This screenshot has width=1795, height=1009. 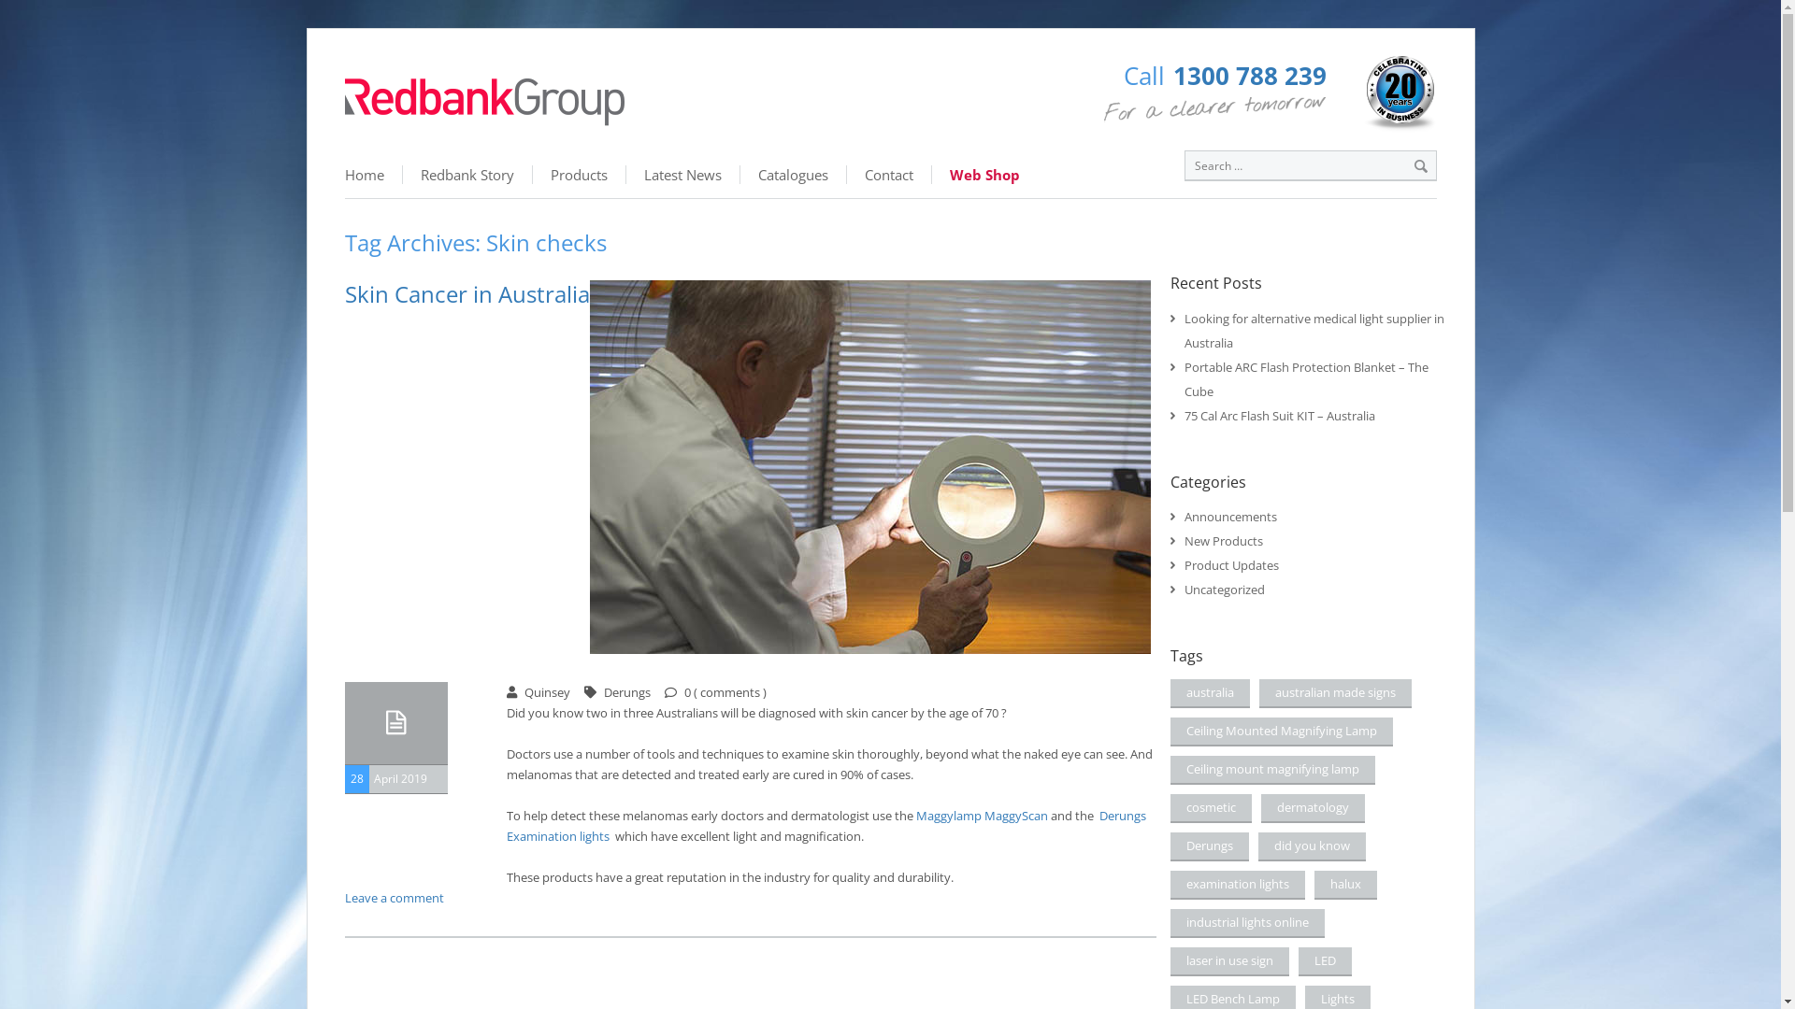 I want to click on 'Latest News', so click(x=682, y=174).